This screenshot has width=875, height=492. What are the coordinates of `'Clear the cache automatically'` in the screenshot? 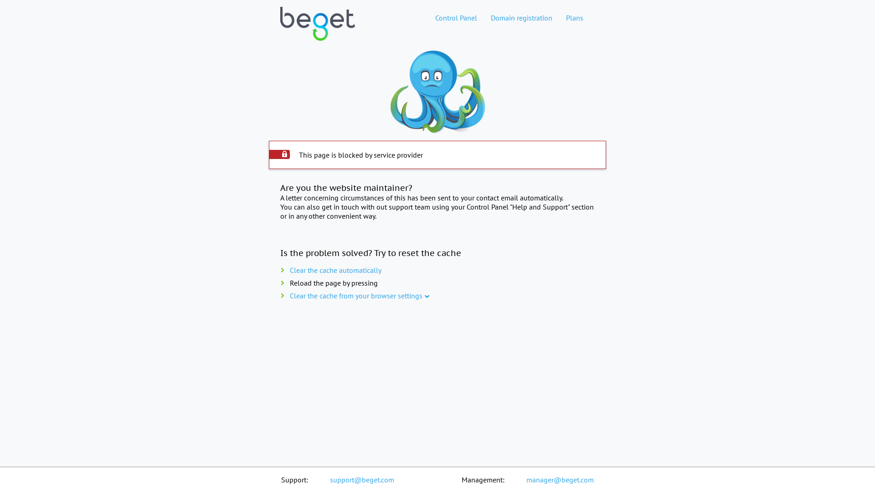 It's located at (335, 270).